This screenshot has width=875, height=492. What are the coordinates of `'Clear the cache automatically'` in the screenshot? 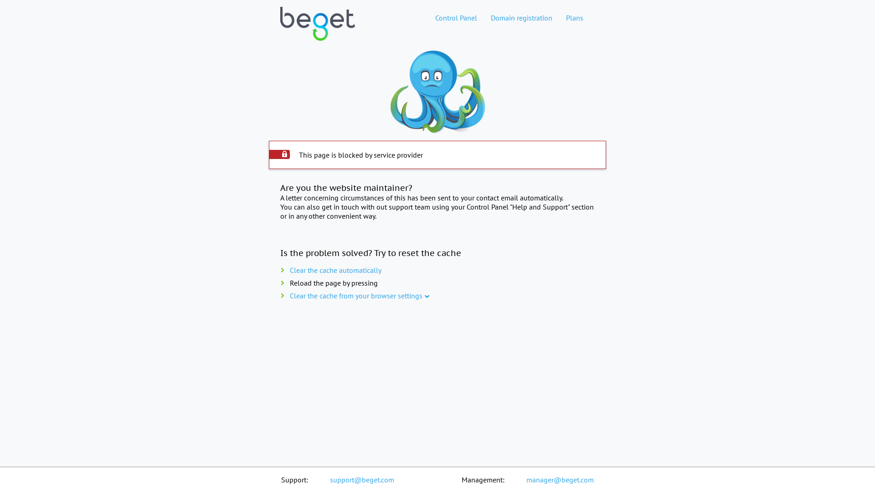 It's located at (335, 270).